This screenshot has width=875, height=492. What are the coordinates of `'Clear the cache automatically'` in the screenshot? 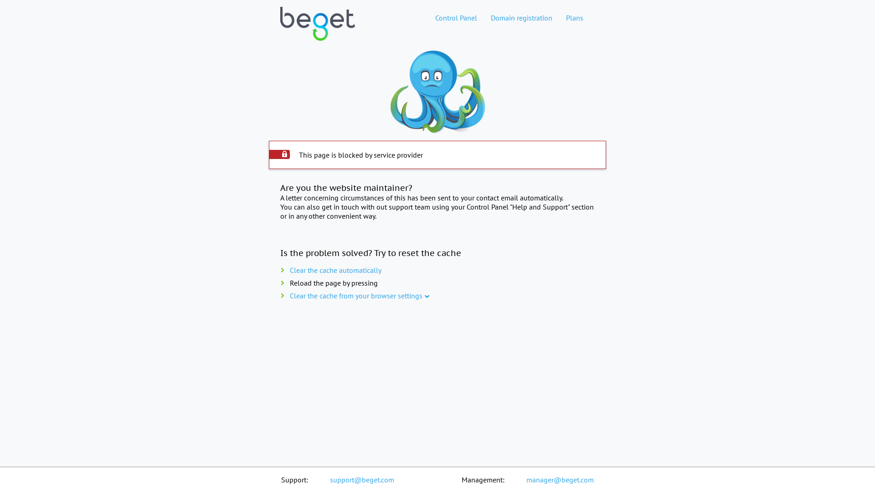 It's located at (335, 270).